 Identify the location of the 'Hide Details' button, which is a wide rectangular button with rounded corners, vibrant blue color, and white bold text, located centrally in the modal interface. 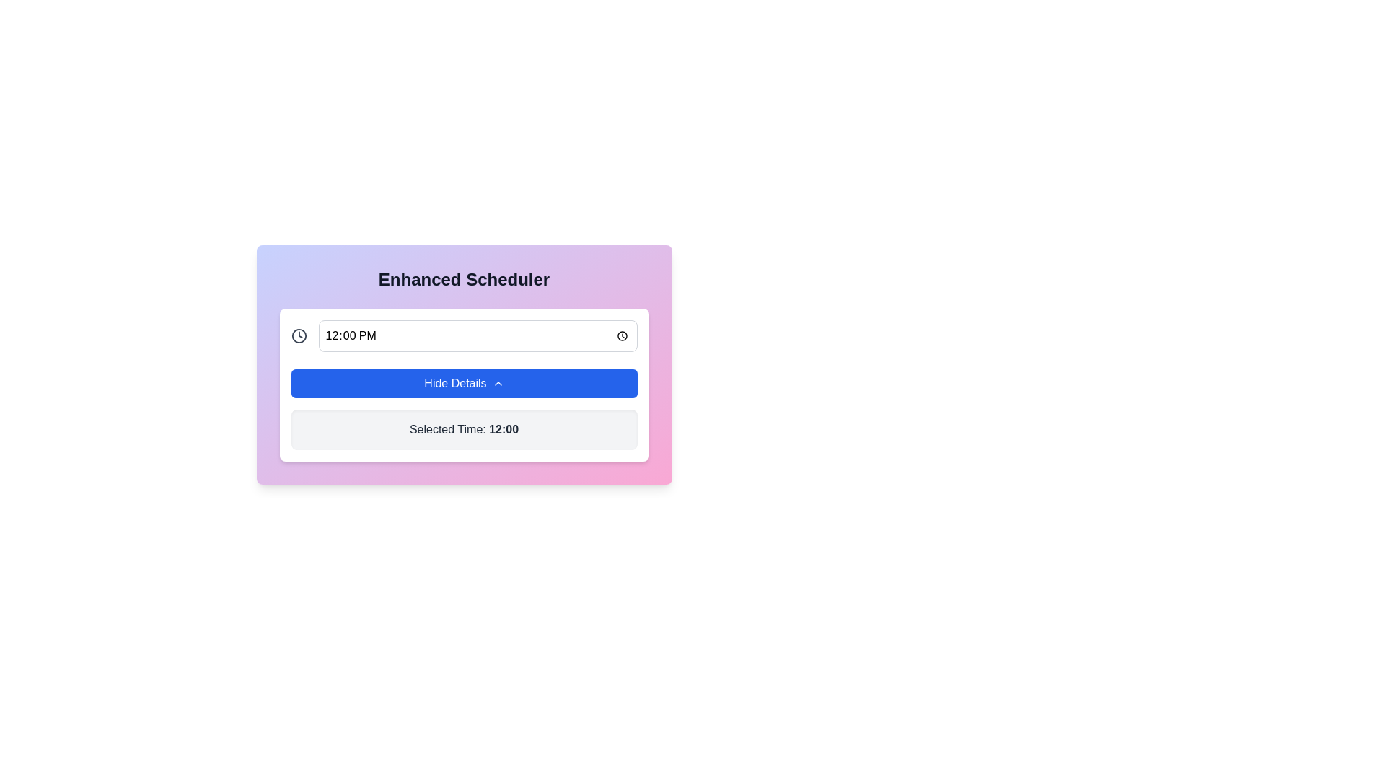
(464, 383).